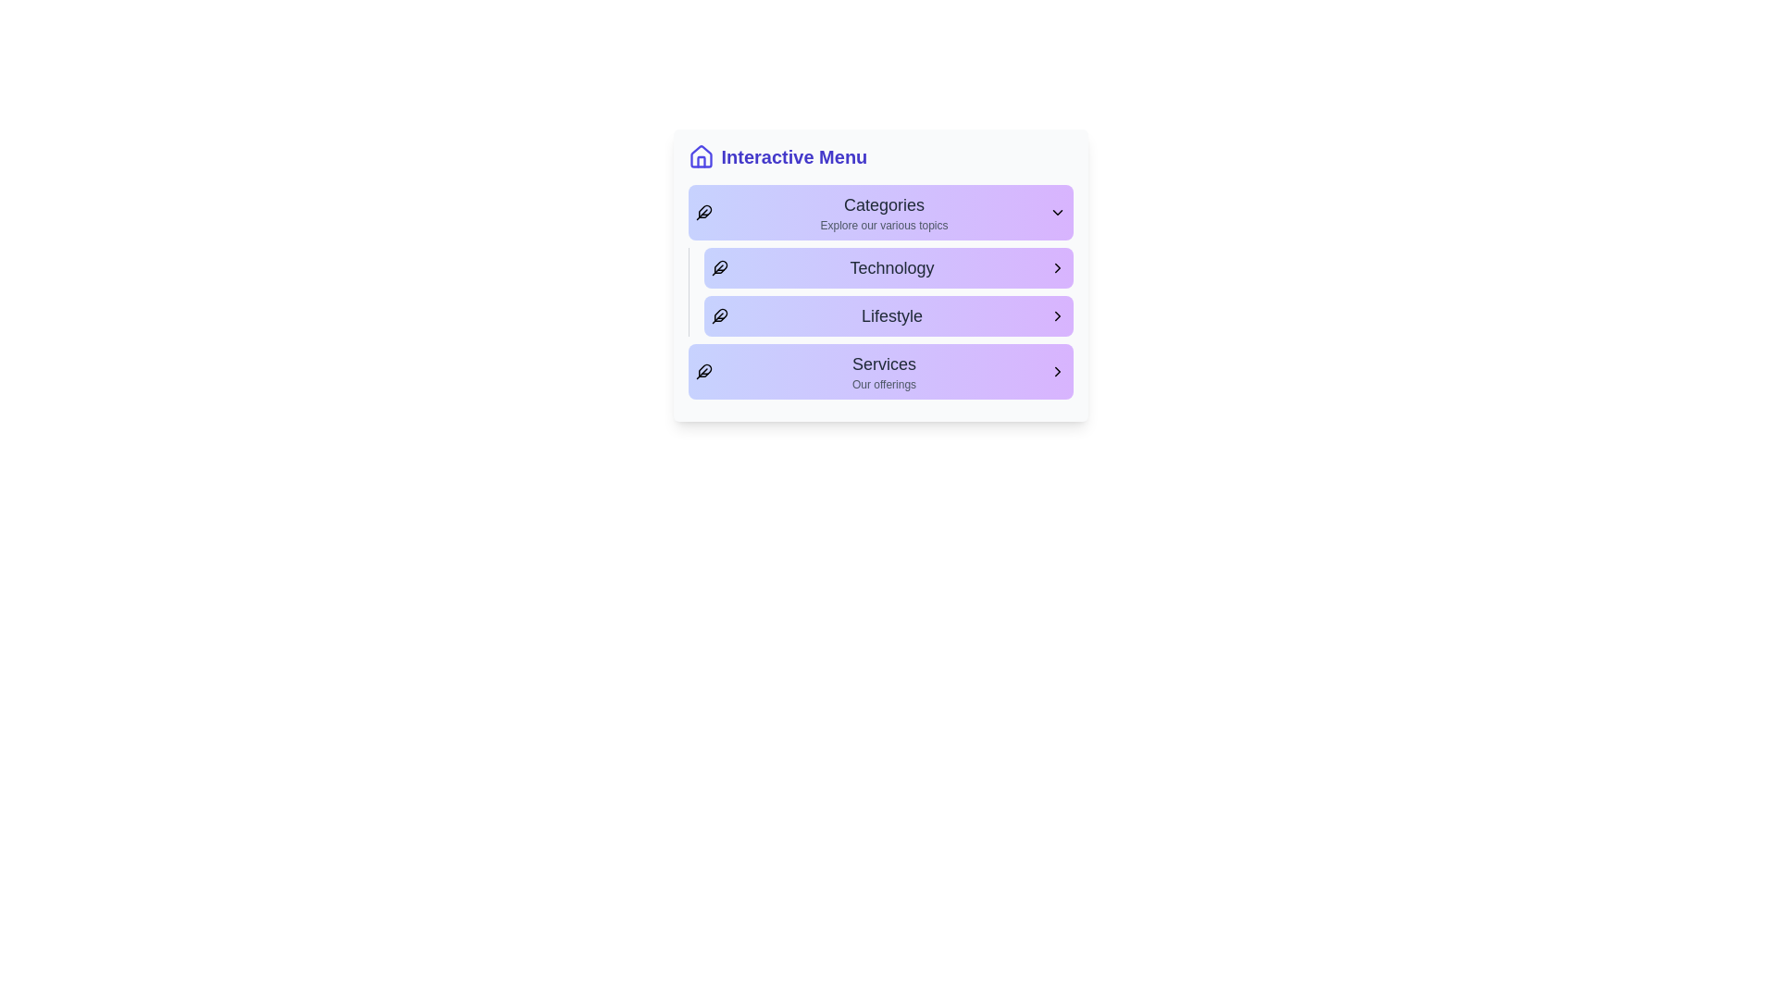  What do you see at coordinates (883, 371) in the screenshot?
I see `the 'Services' text label in the 'Interactive Menu', which is located below the 'Lifestyle' section and indicates the offerings area` at bounding box center [883, 371].